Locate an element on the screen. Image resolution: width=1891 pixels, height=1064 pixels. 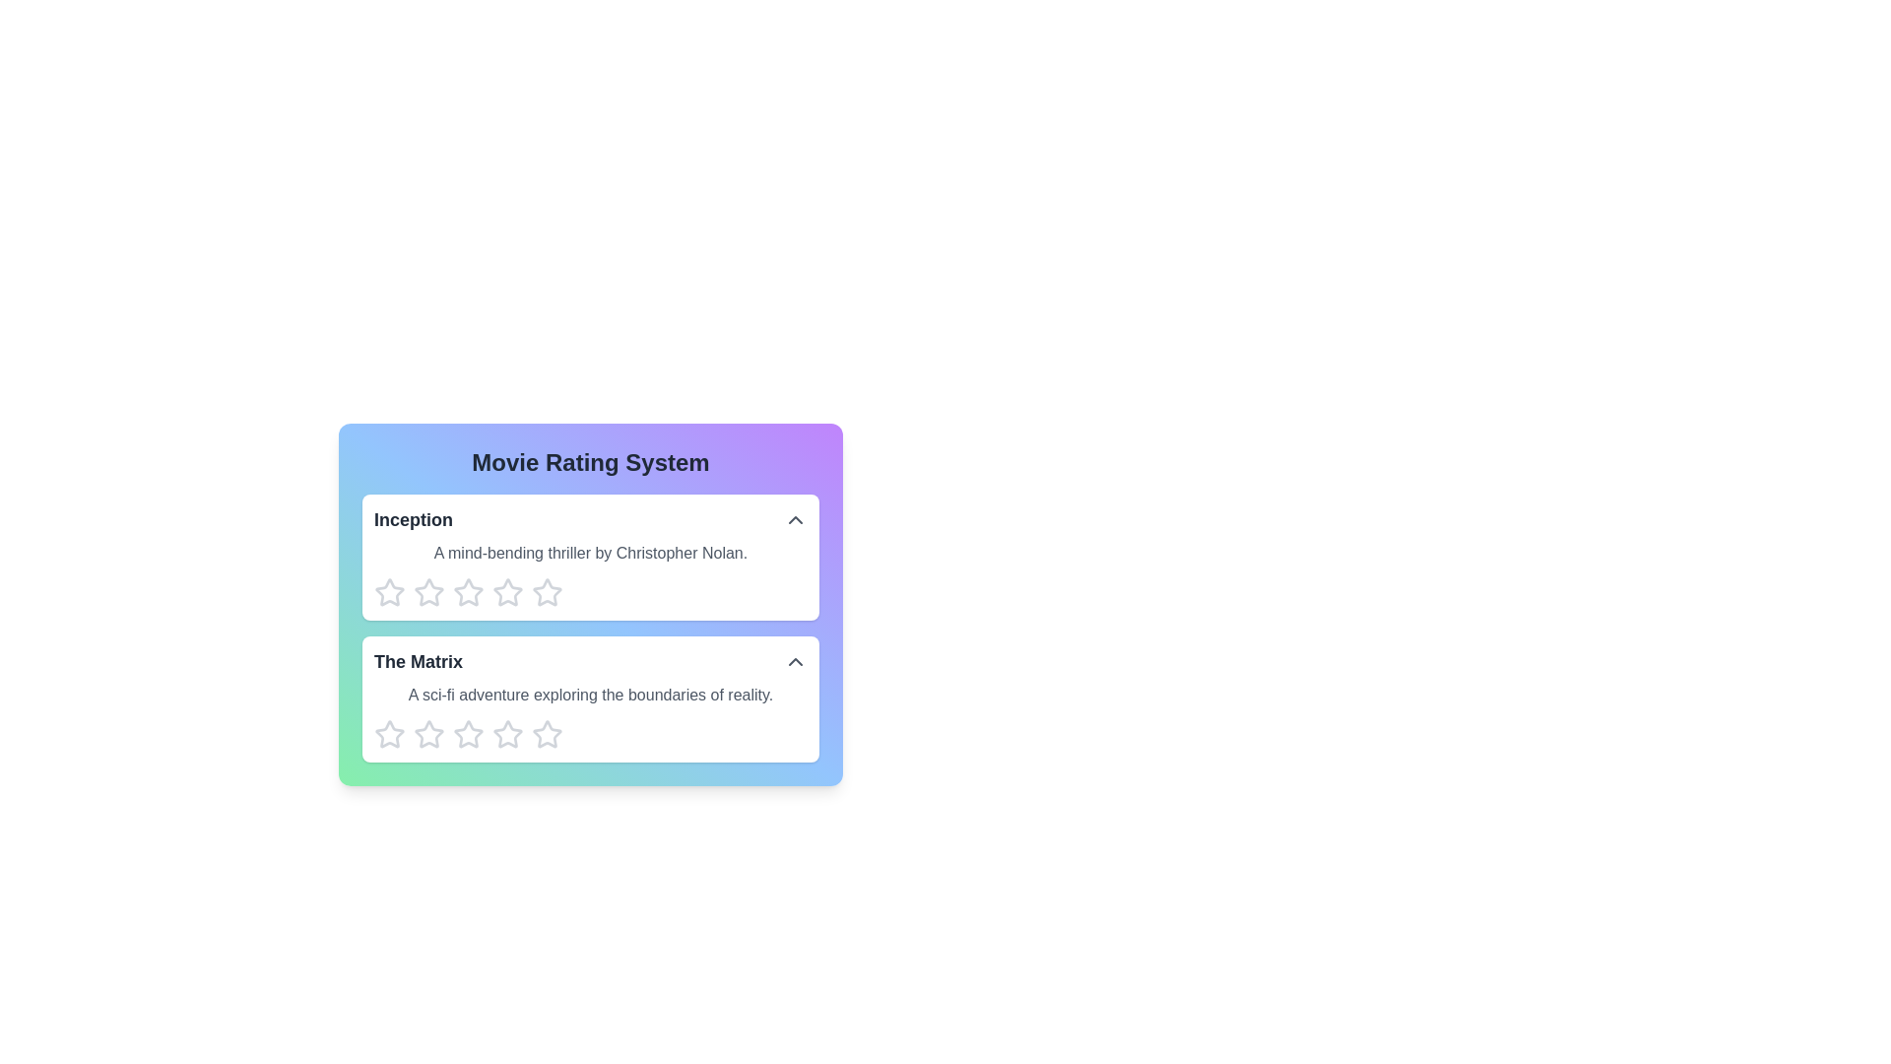
the fourth star-shaped rating icon in the horizontal row of seven under the movie review for 'The Matrix' is located at coordinates (467, 734).